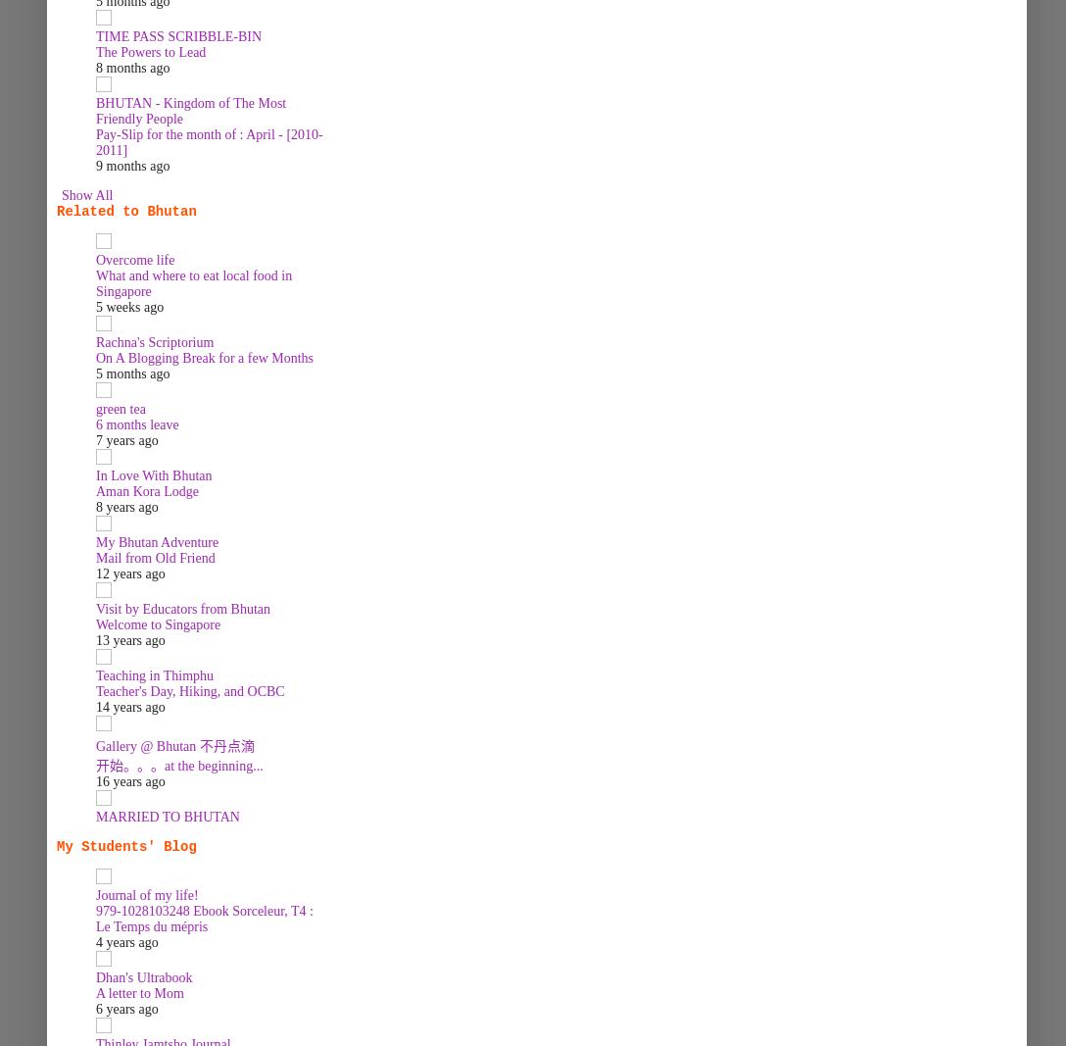 This screenshot has width=1066, height=1046. What do you see at coordinates (189, 110) in the screenshot?
I see `'BHUTAN - Kingdom of The Most Friendly People'` at bounding box center [189, 110].